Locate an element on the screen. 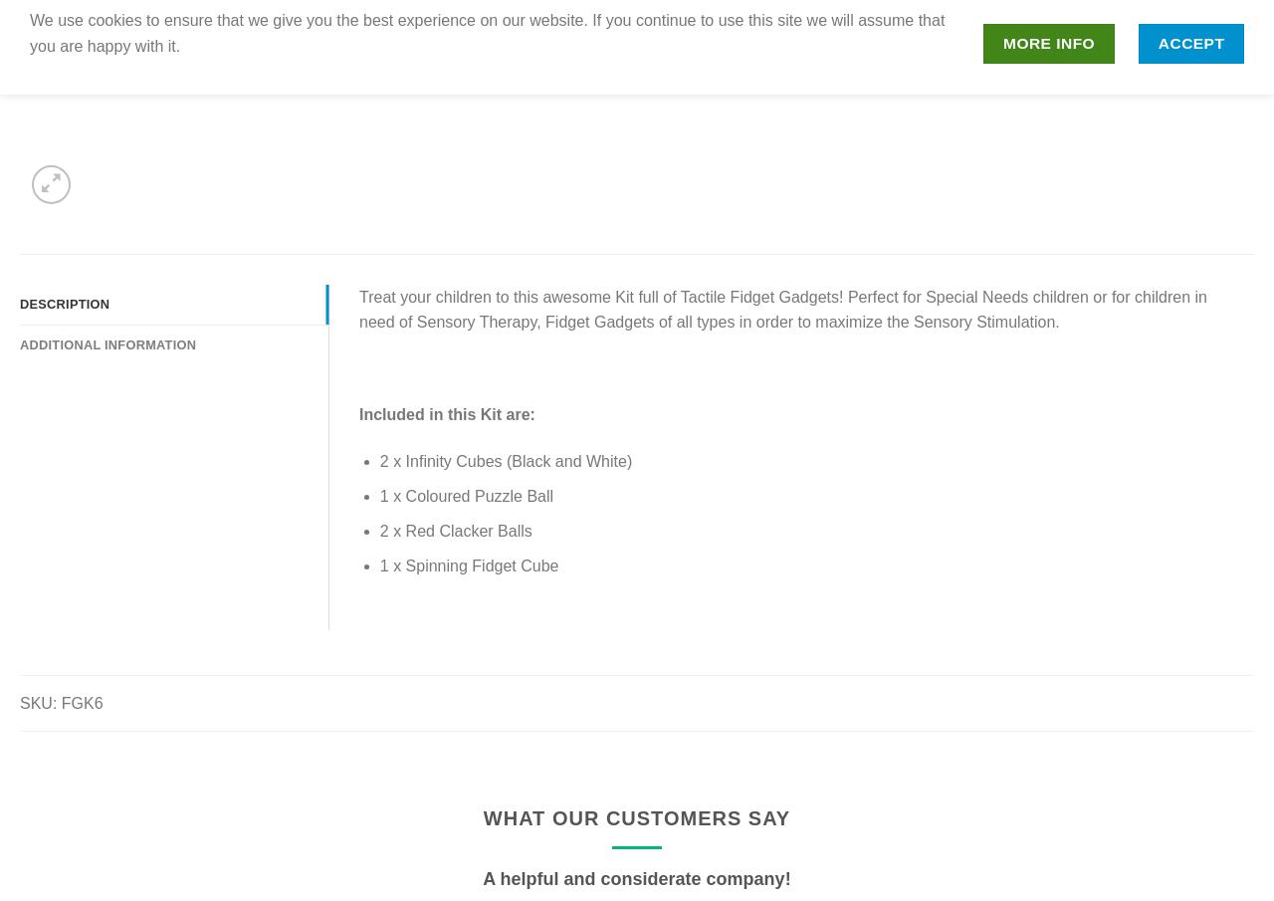 This screenshot has height=901, width=1274. 'Accept' is located at coordinates (1190, 42).